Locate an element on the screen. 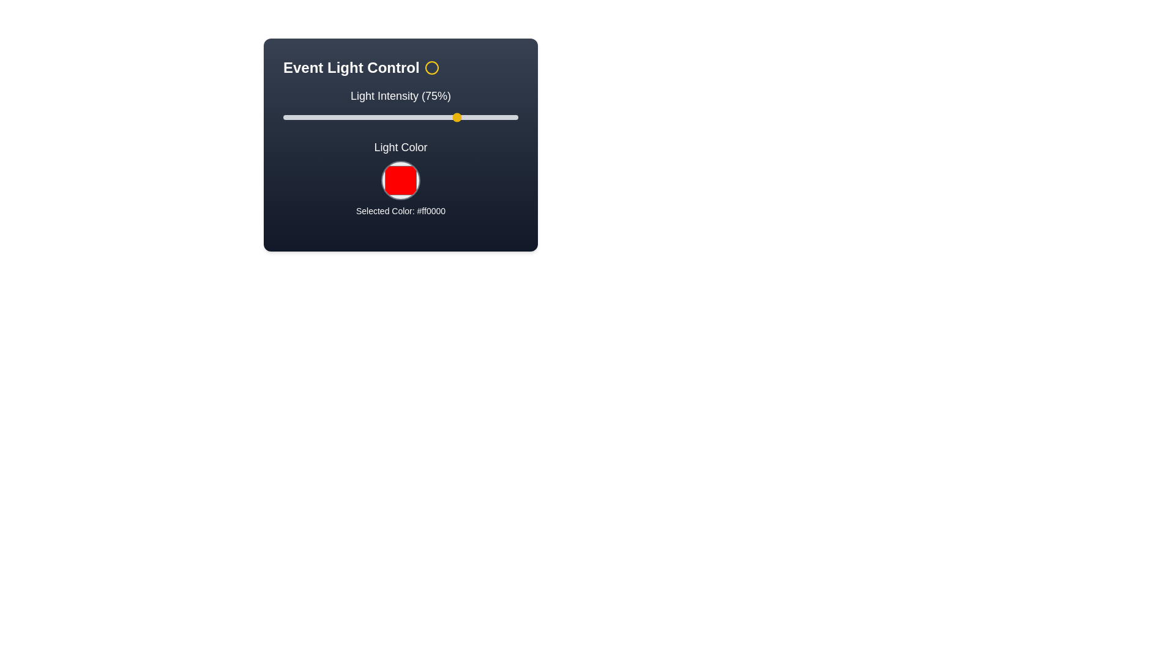 This screenshot has width=1175, height=661. the header icon to visually interact with it is located at coordinates (431, 68).